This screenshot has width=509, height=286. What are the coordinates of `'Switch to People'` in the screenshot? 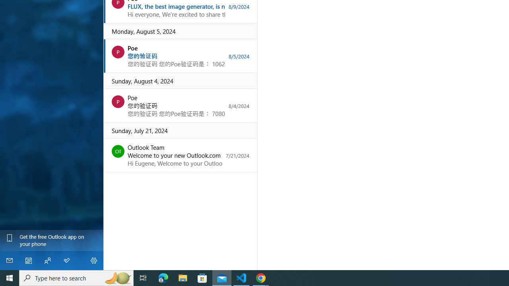 It's located at (47, 260).